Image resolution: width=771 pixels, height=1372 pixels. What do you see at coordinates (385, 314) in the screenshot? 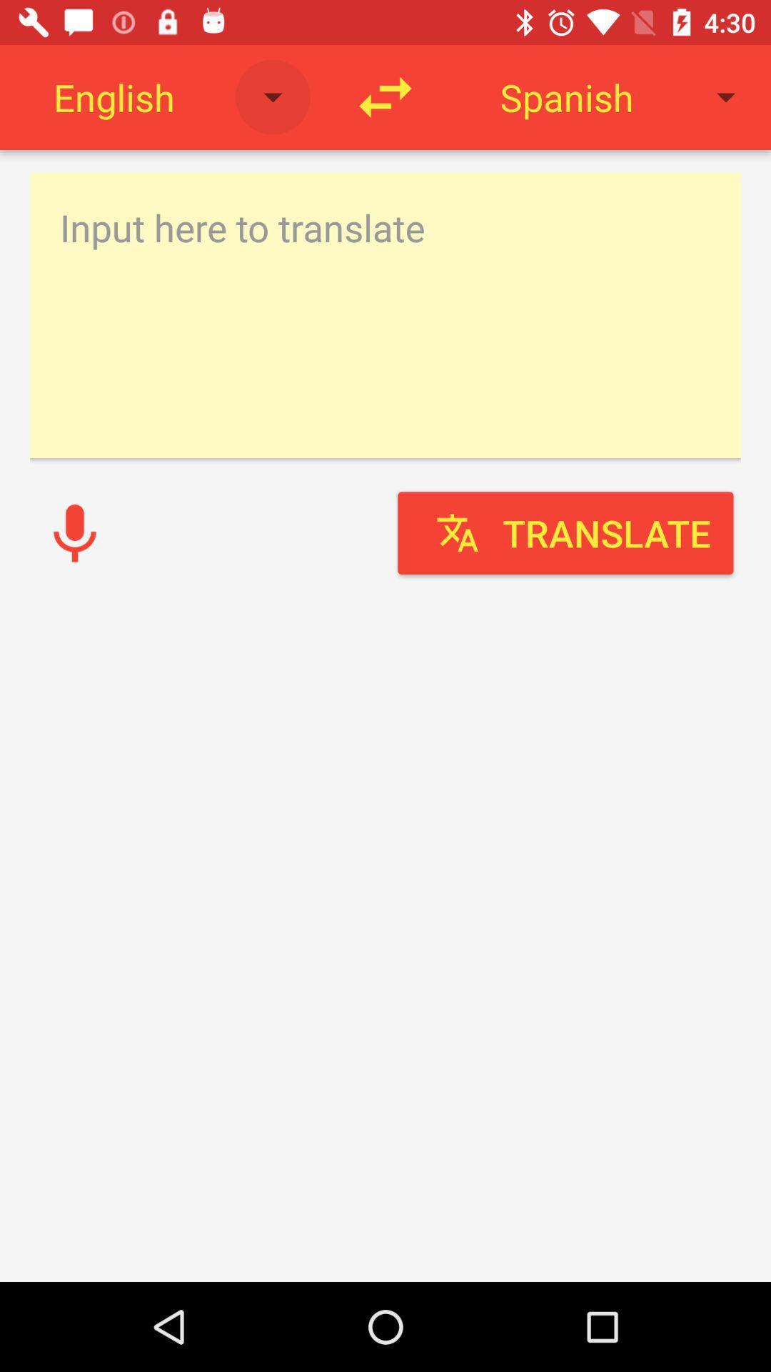
I see `text input` at bounding box center [385, 314].